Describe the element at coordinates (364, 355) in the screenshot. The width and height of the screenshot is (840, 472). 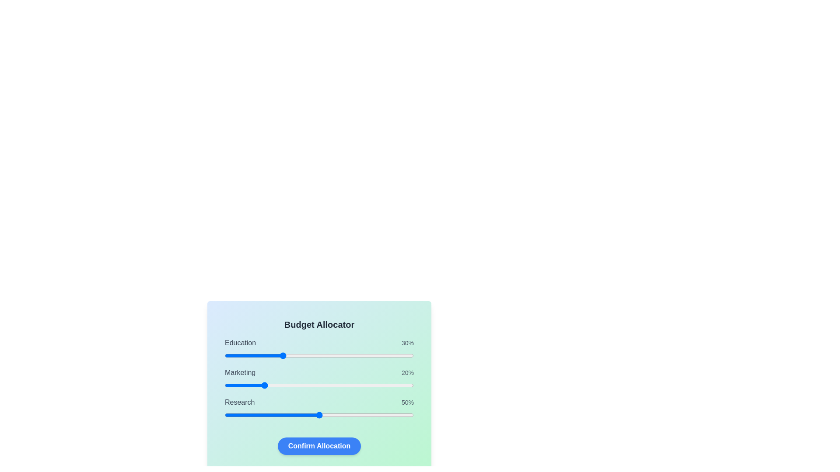
I see `the Education slider to 74%` at that location.